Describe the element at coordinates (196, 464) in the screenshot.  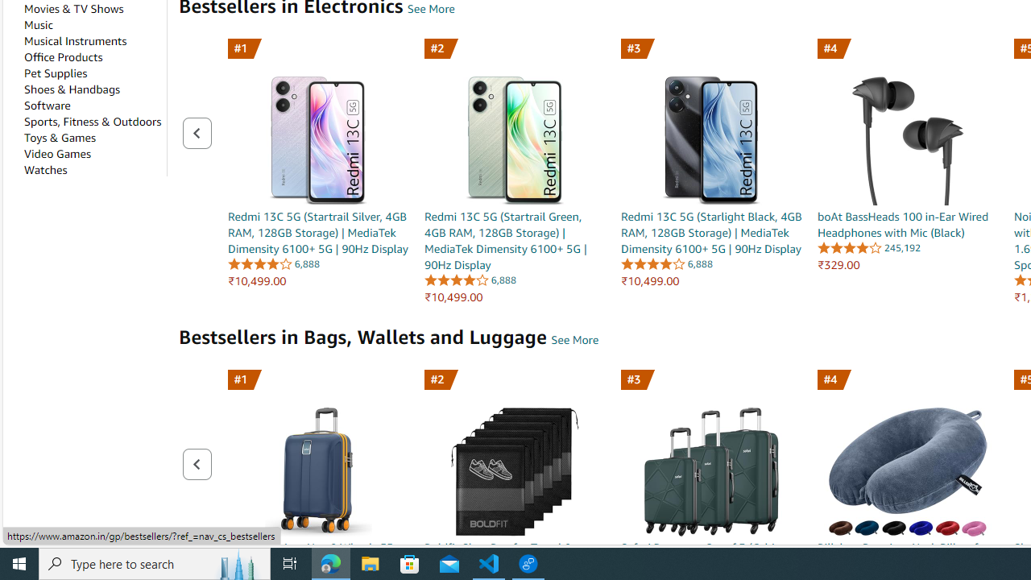
I see `'Previous page'` at that location.